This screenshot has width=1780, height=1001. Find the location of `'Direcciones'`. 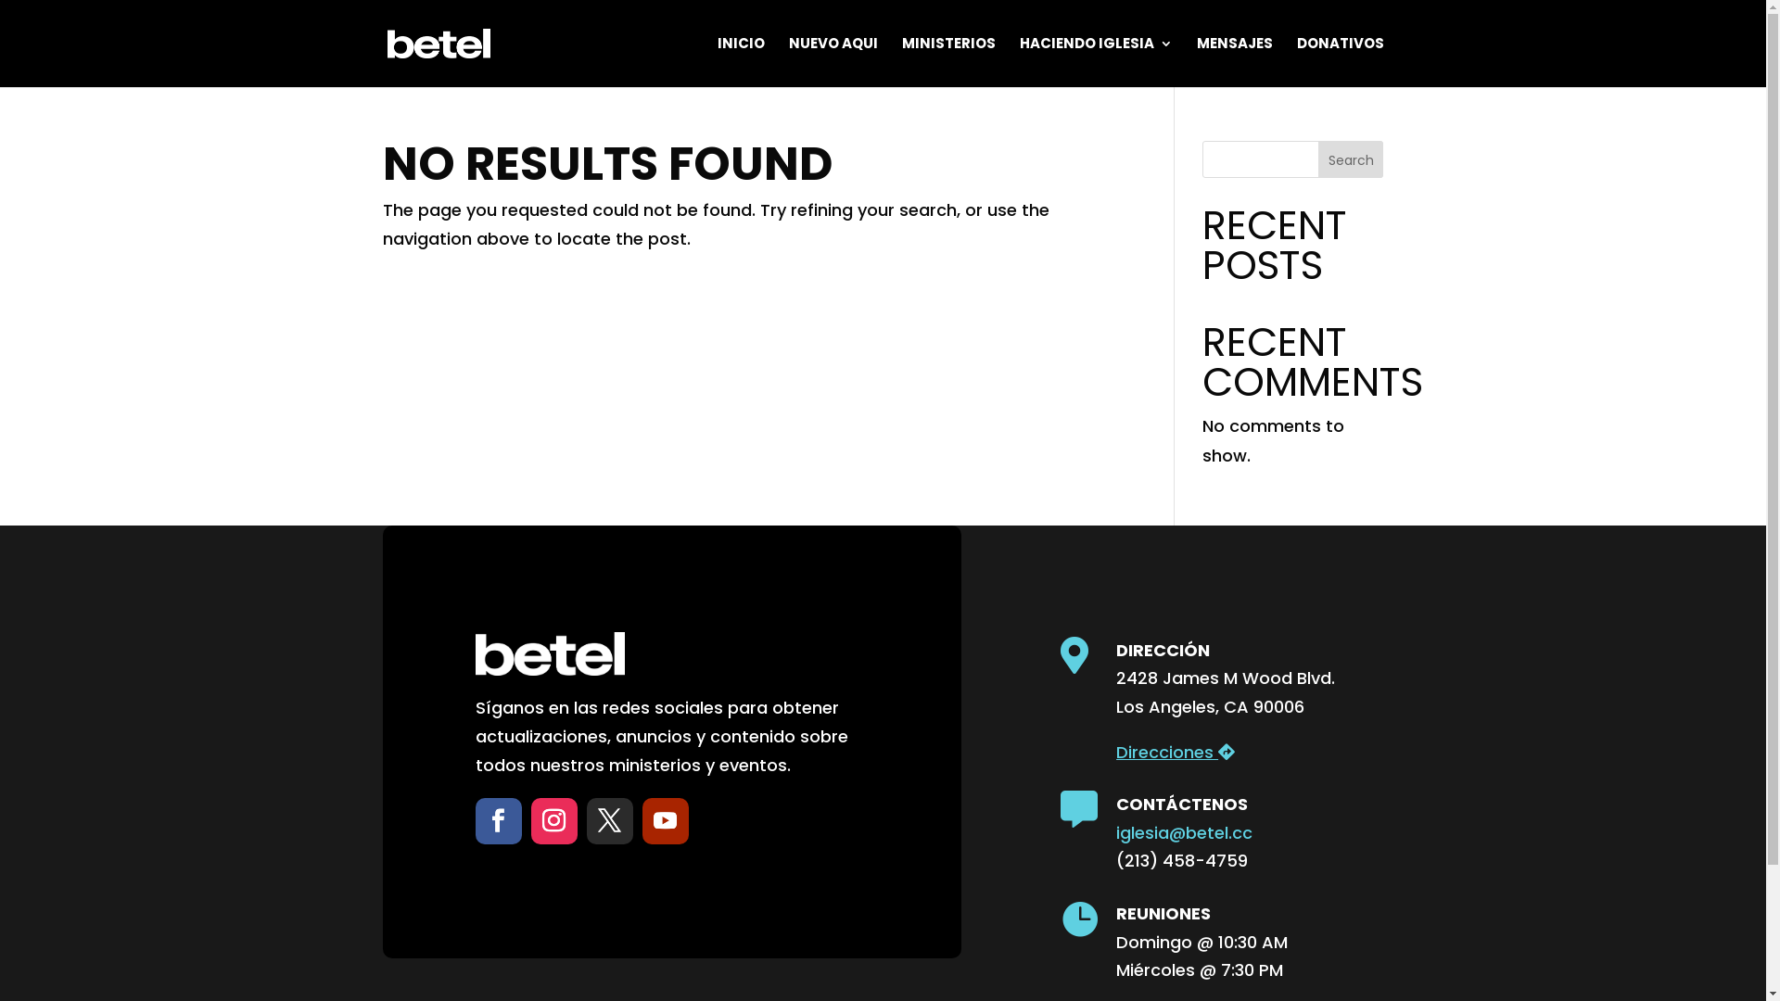

'Direcciones' is located at coordinates (1174, 752).